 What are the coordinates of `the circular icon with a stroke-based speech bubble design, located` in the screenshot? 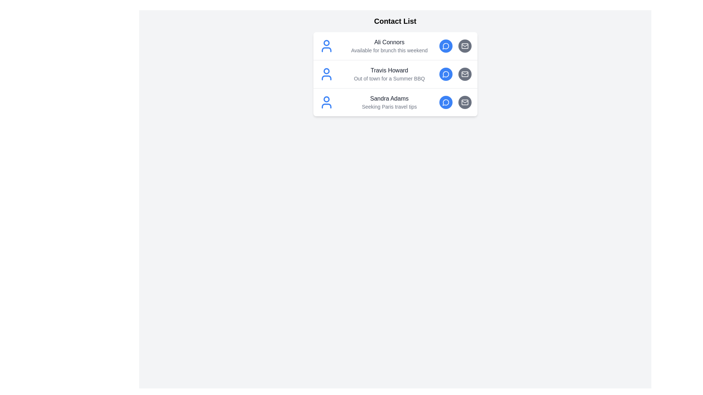 It's located at (445, 74).